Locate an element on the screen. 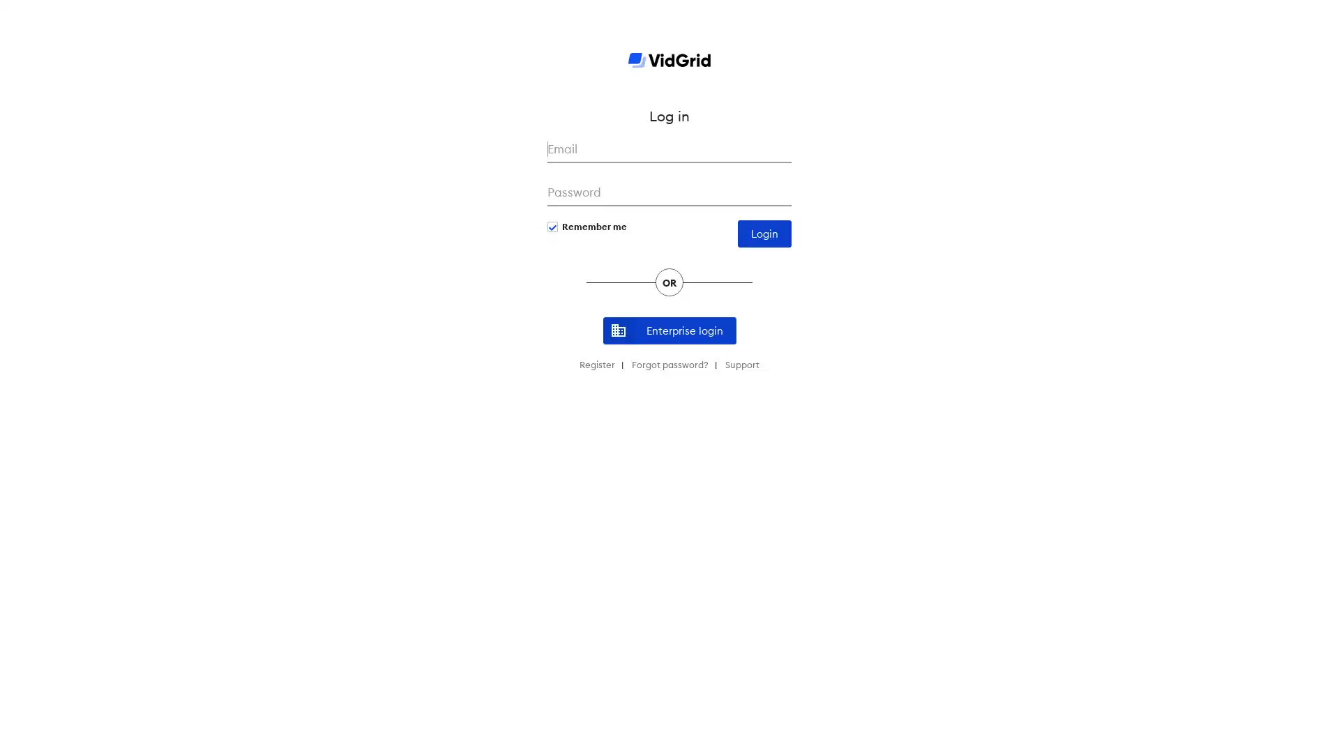  Enterprise login is located at coordinates (668, 330).